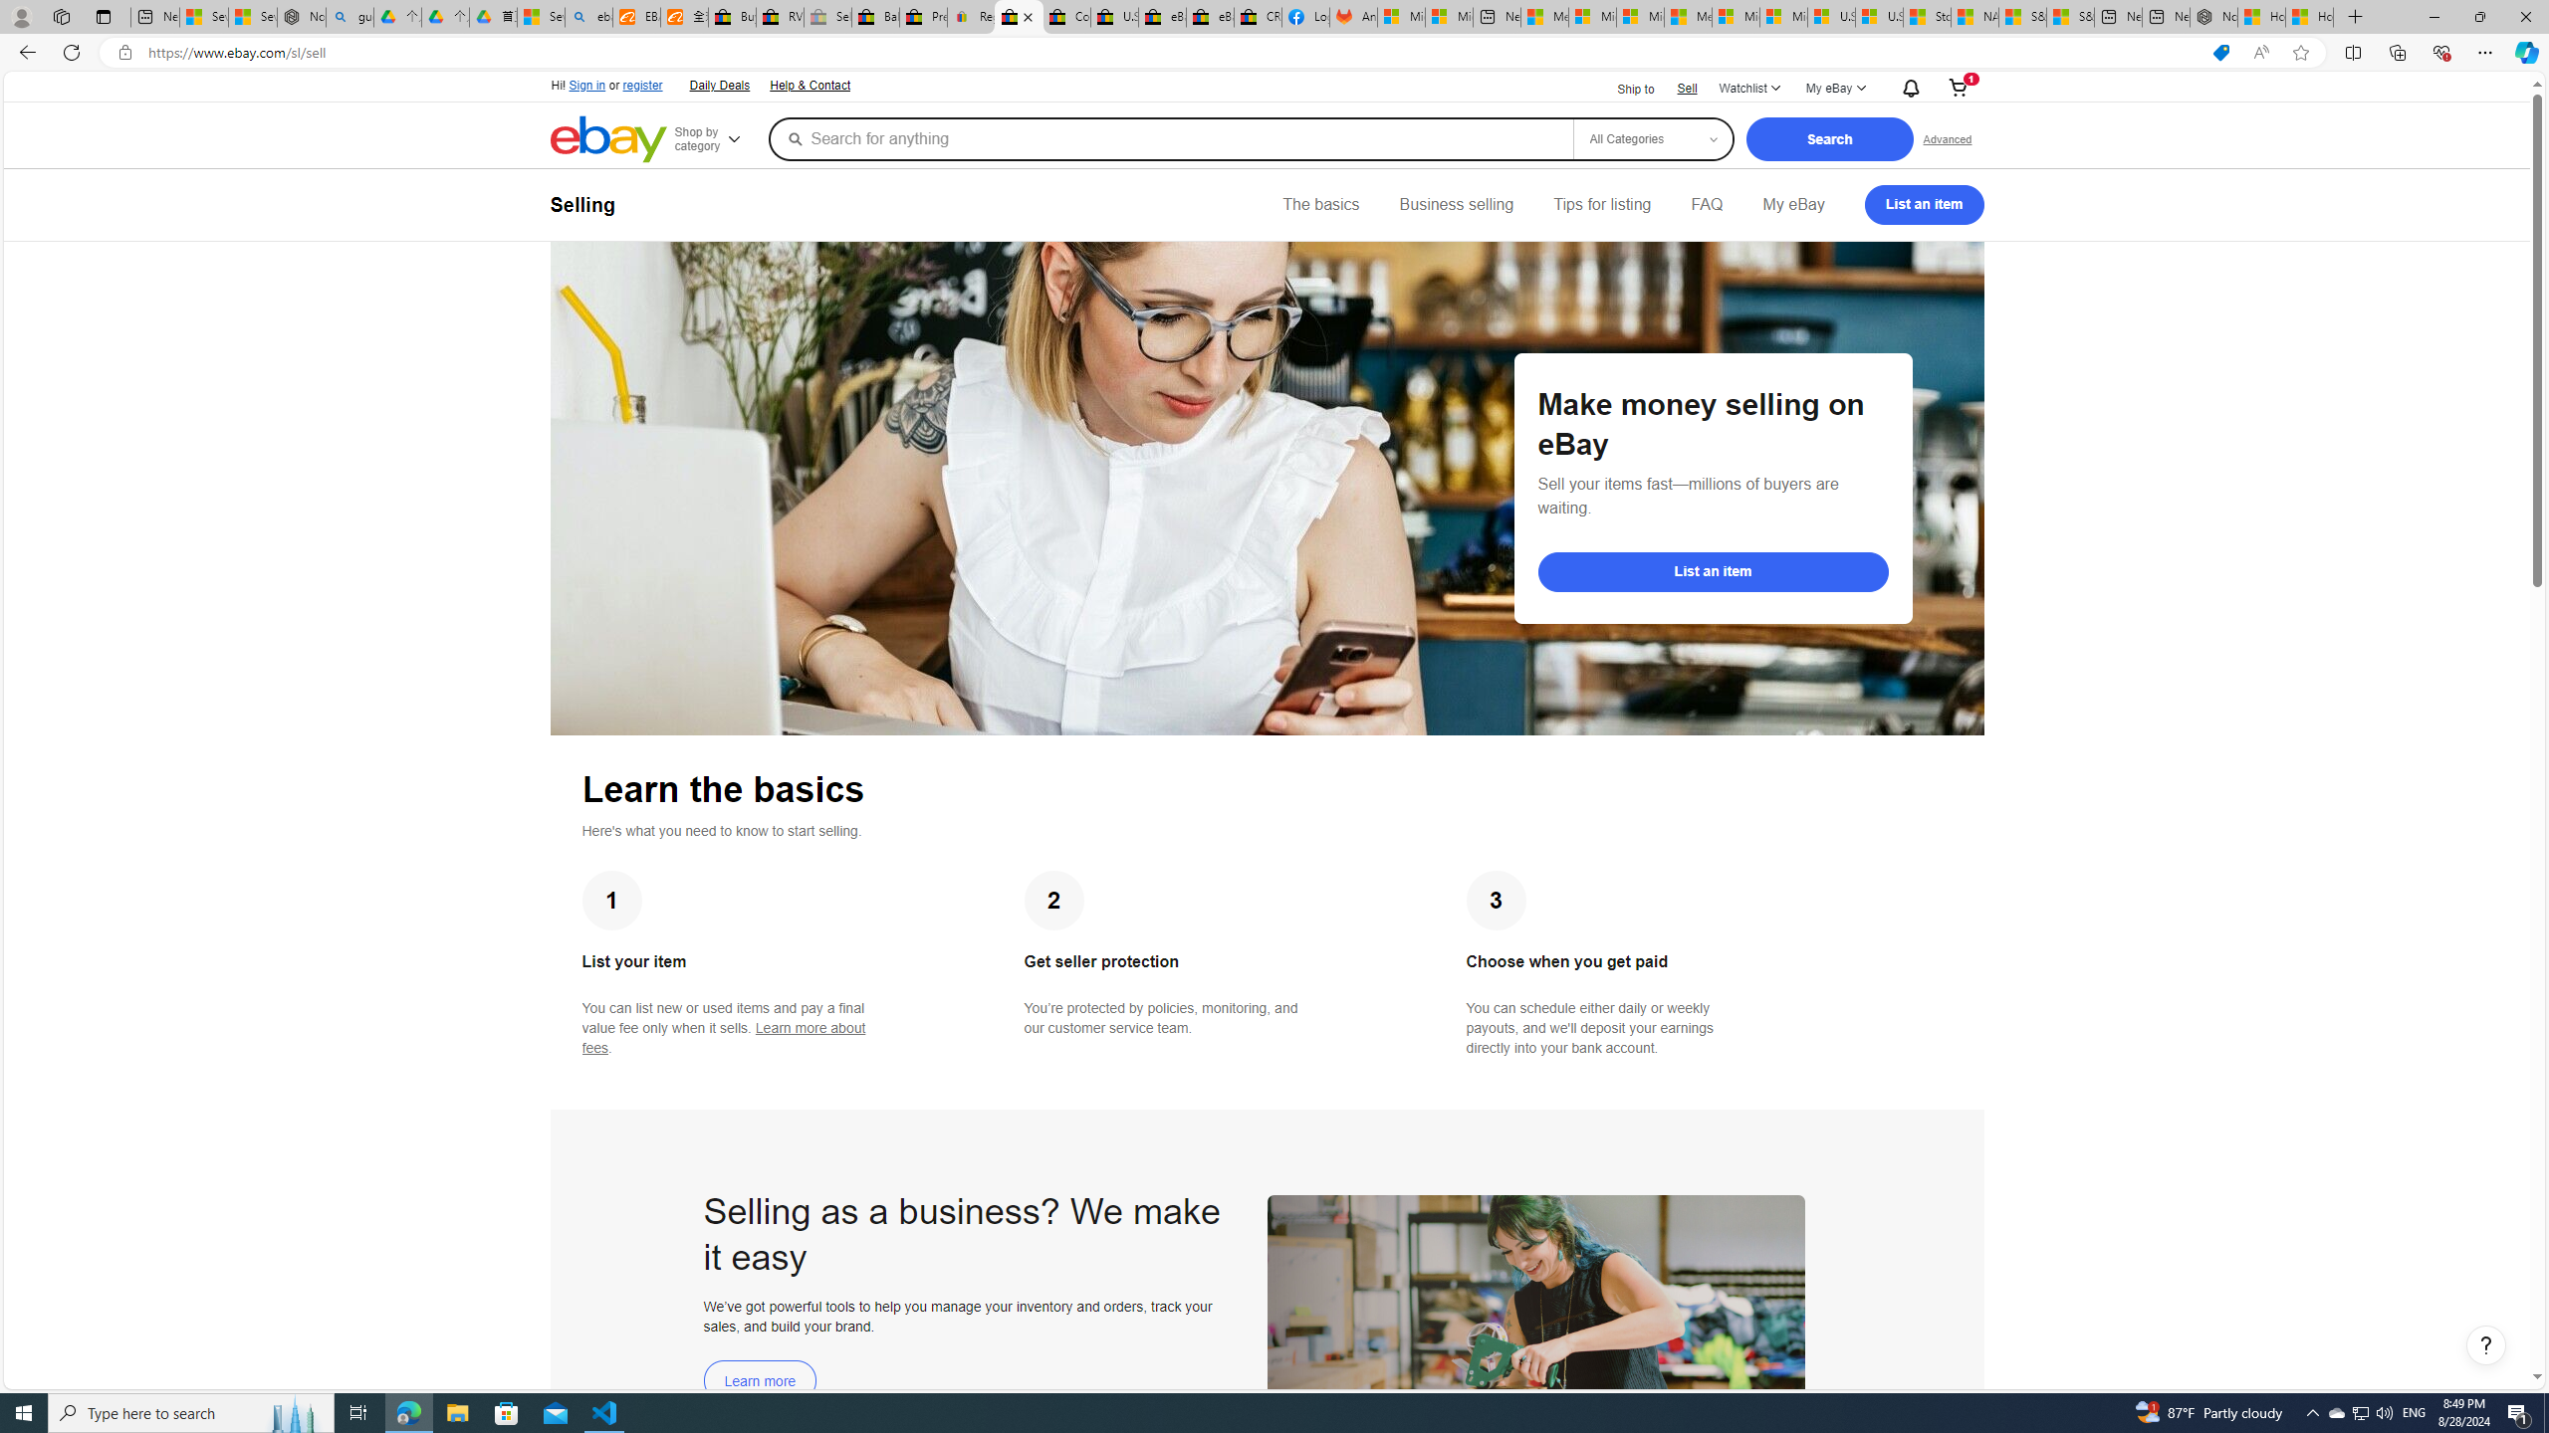 The image size is (2549, 1433). I want to click on 'My eBay', so click(1791, 203).